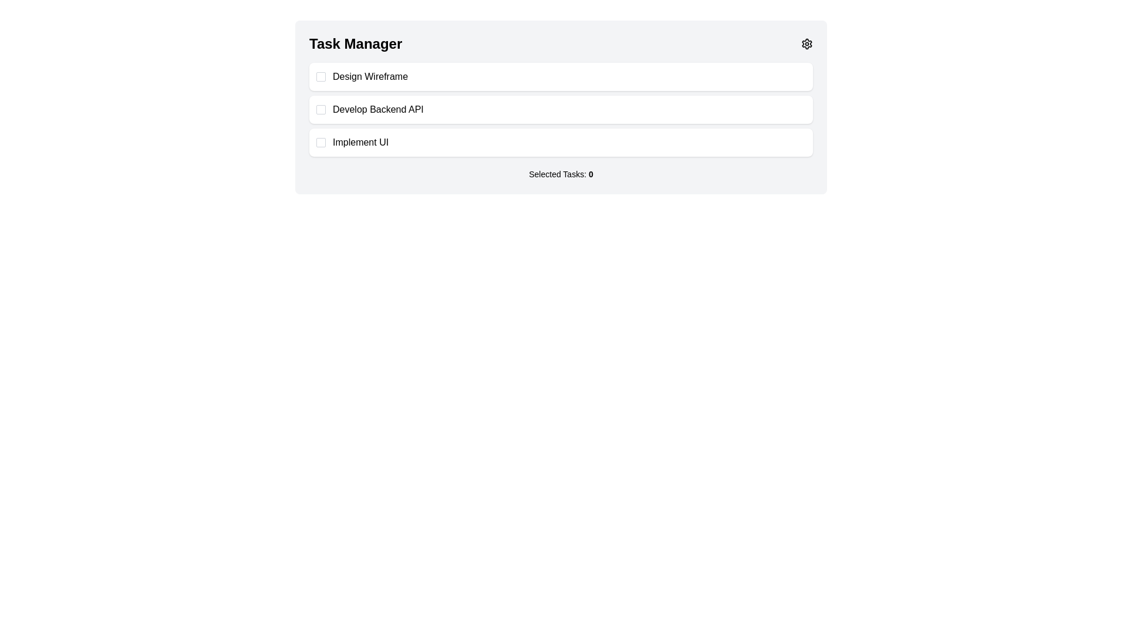  I want to click on displayed text '0' from the numeric element located within the line 'Selected Tasks: 0' at the bottom of the Task Manager section, so click(591, 174).